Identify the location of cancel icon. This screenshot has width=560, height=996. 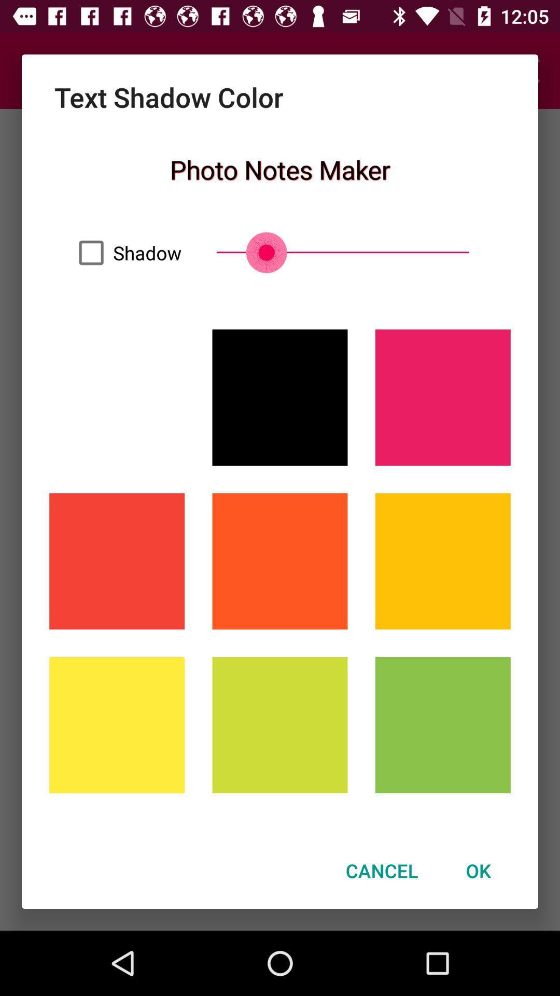
(382, 870).